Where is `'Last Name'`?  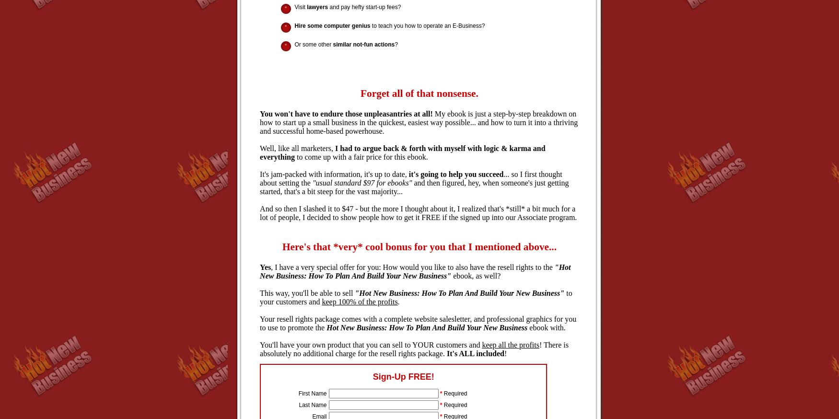 'Last Name' is located at coordinates (312, 405).